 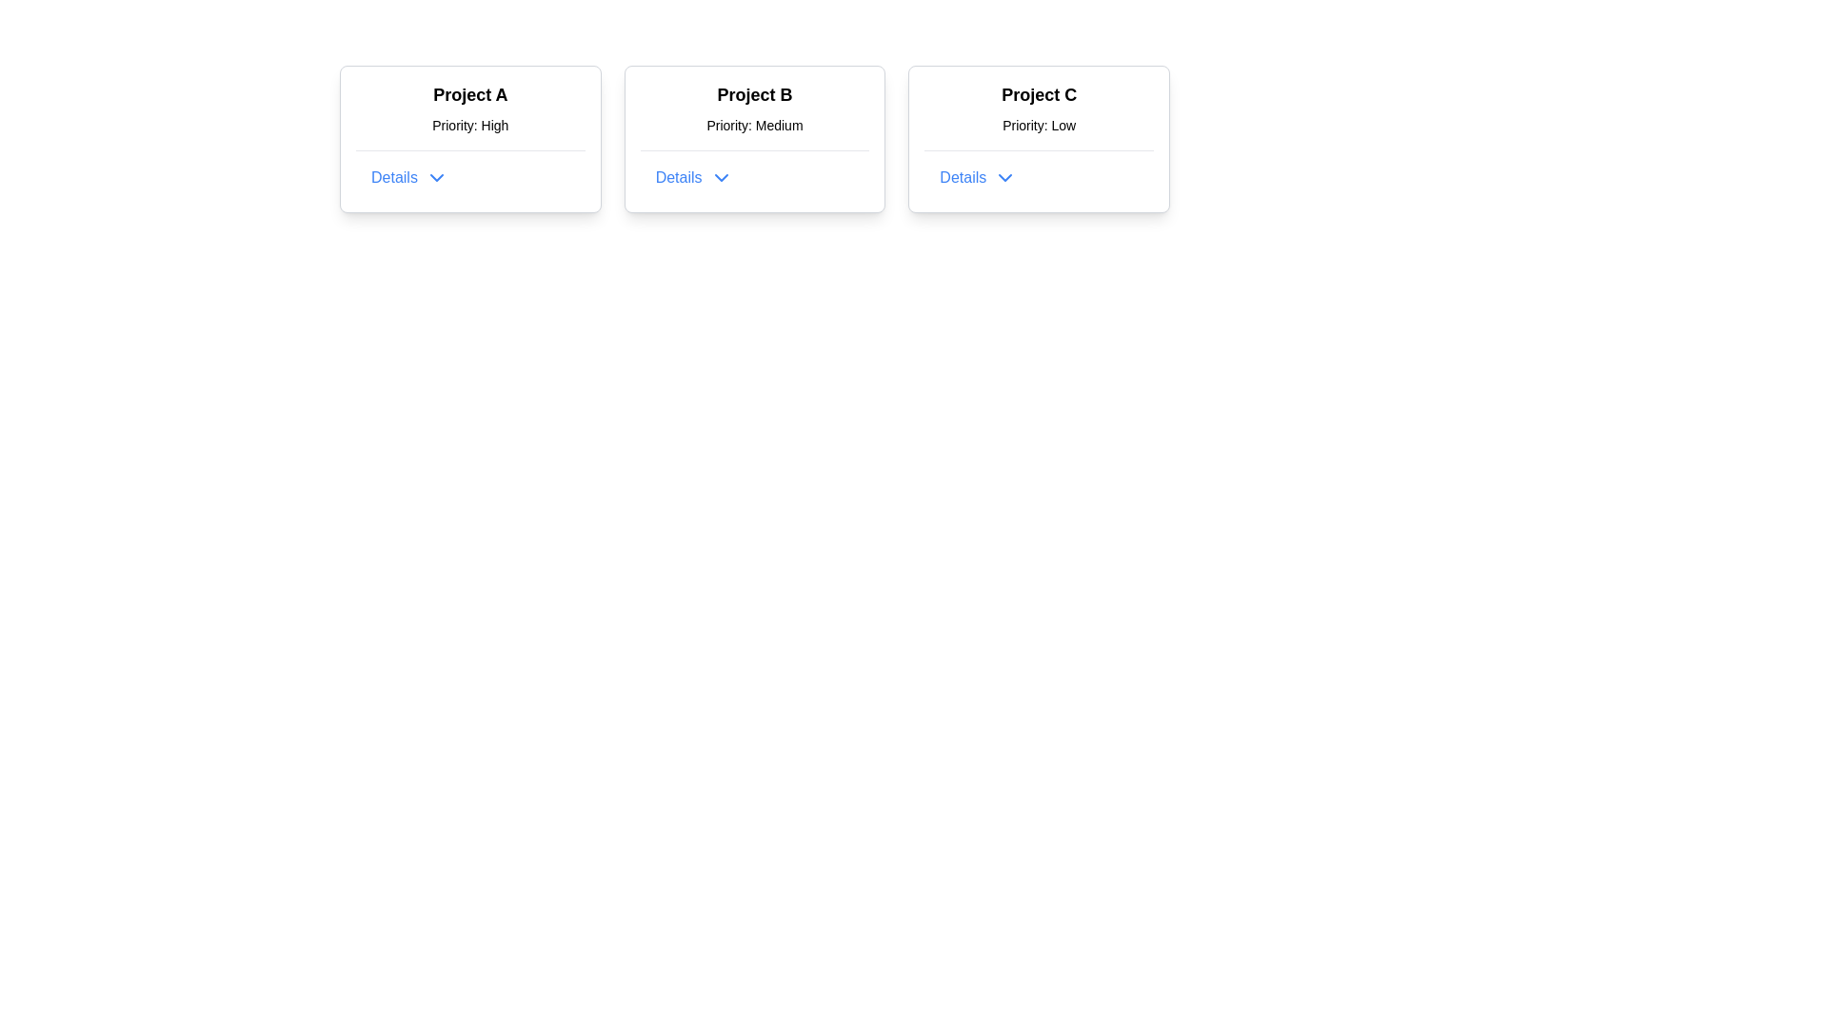 I want to click on the text label 'Project B' that is styled in bold and positioned at the top of its card, which is the middle card in a series of three horizontally aligned cards, so click(x=753, y=95).